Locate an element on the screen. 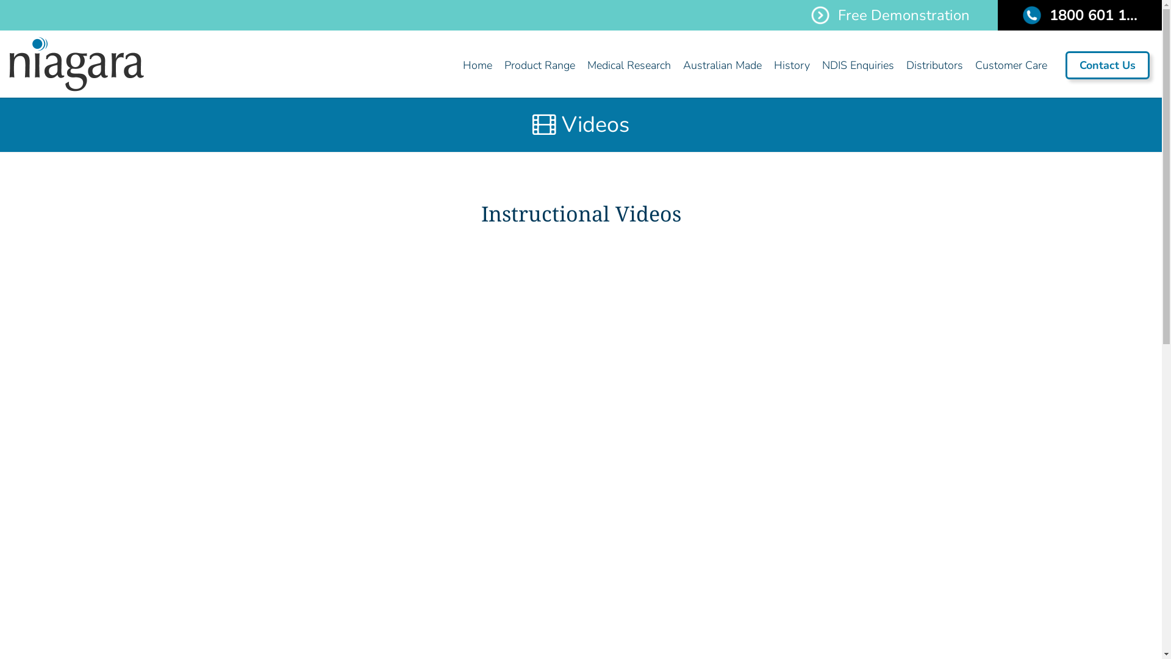  '1800 601 1...' is located at coordinates (1080, 15).